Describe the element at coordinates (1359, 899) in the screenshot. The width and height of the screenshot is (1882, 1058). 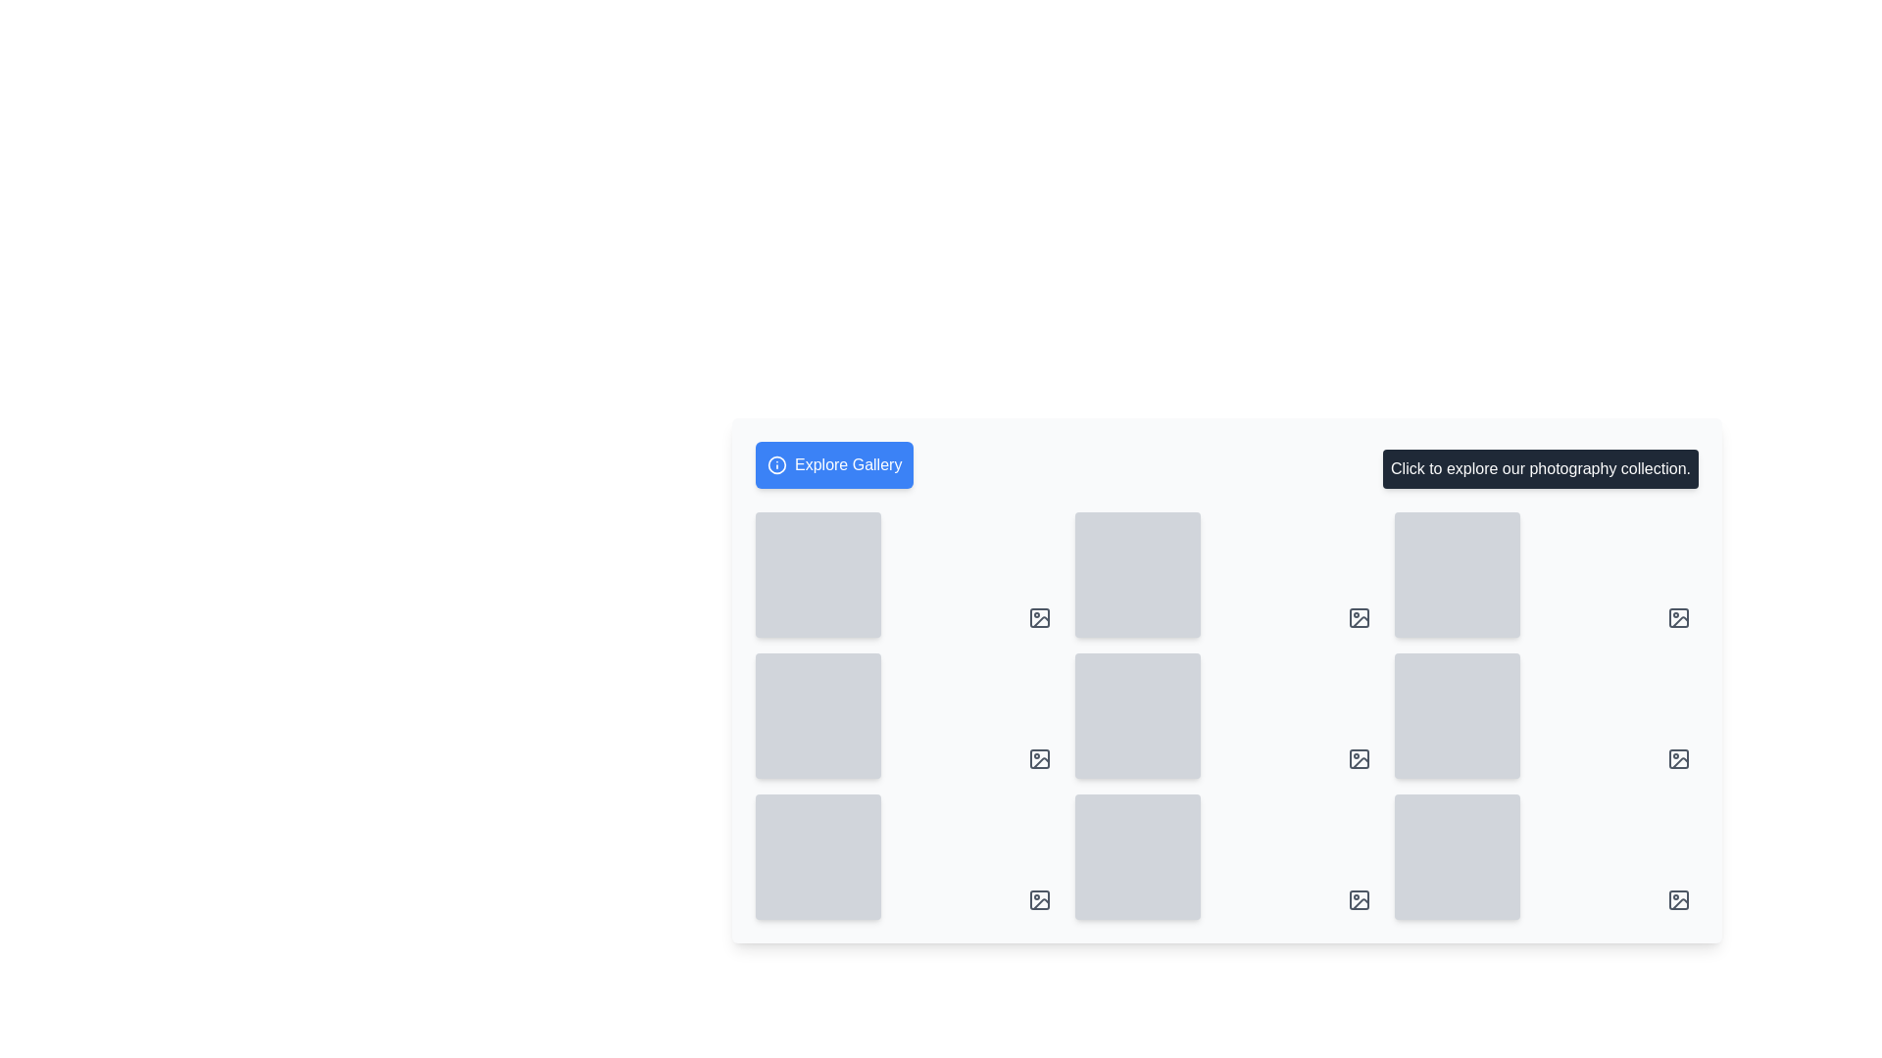
I see `the innermost rounded rectangle of the image icon located in the bottom right corner of the grid in the interactive gallery layout` at that location.